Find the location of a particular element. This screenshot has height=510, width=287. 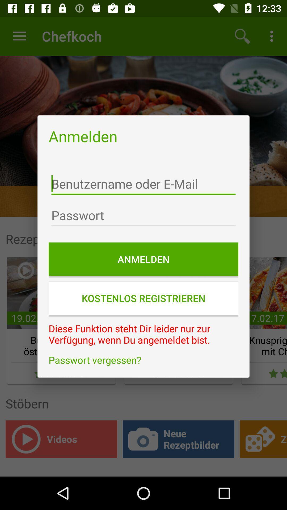

the icon at the bottom is located at coordinates (143, 360).